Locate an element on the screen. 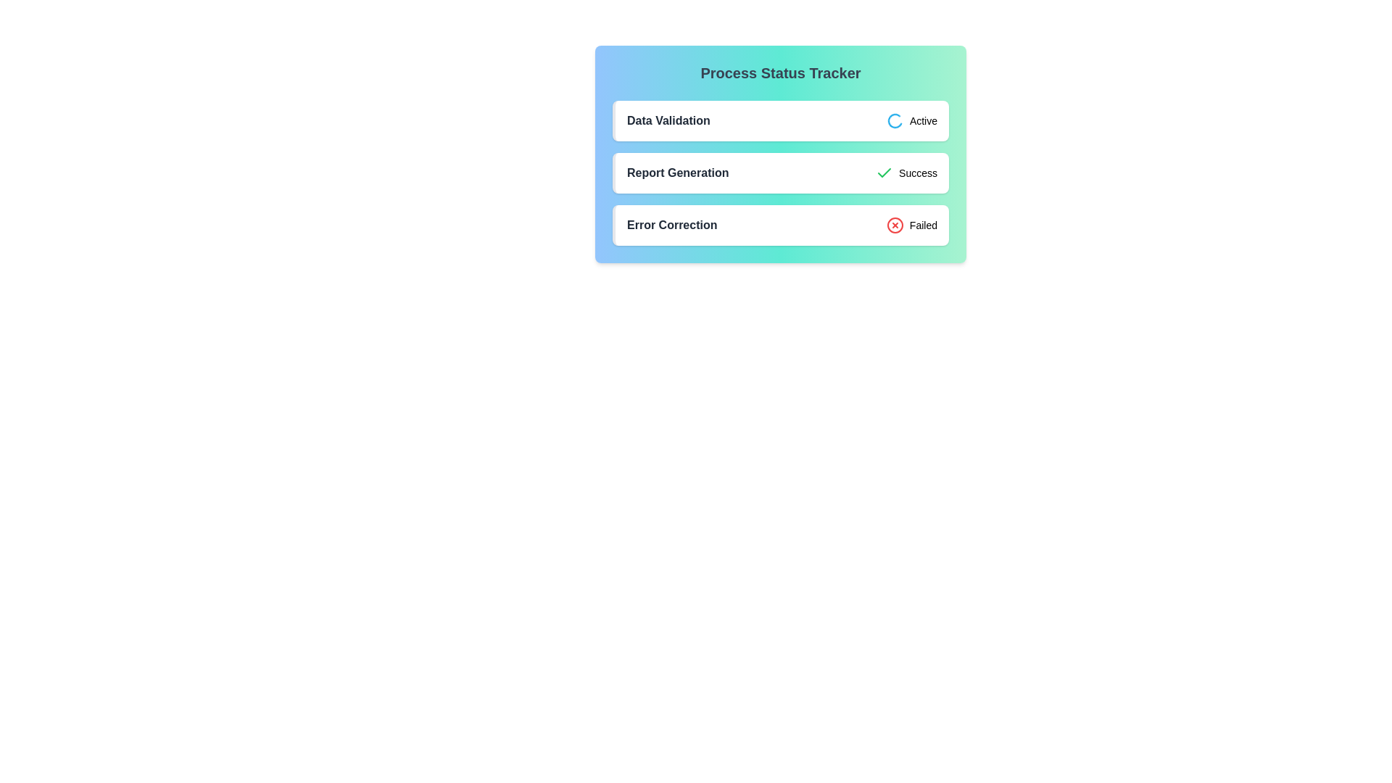 The height and width of the screenshot is (783, 1392). the 'Success' label which is accompanied by a green checkmark icon, located in the 'Process Status Tracker' section, specifically in the second row of status indicators is located at coordinates (906, 173).